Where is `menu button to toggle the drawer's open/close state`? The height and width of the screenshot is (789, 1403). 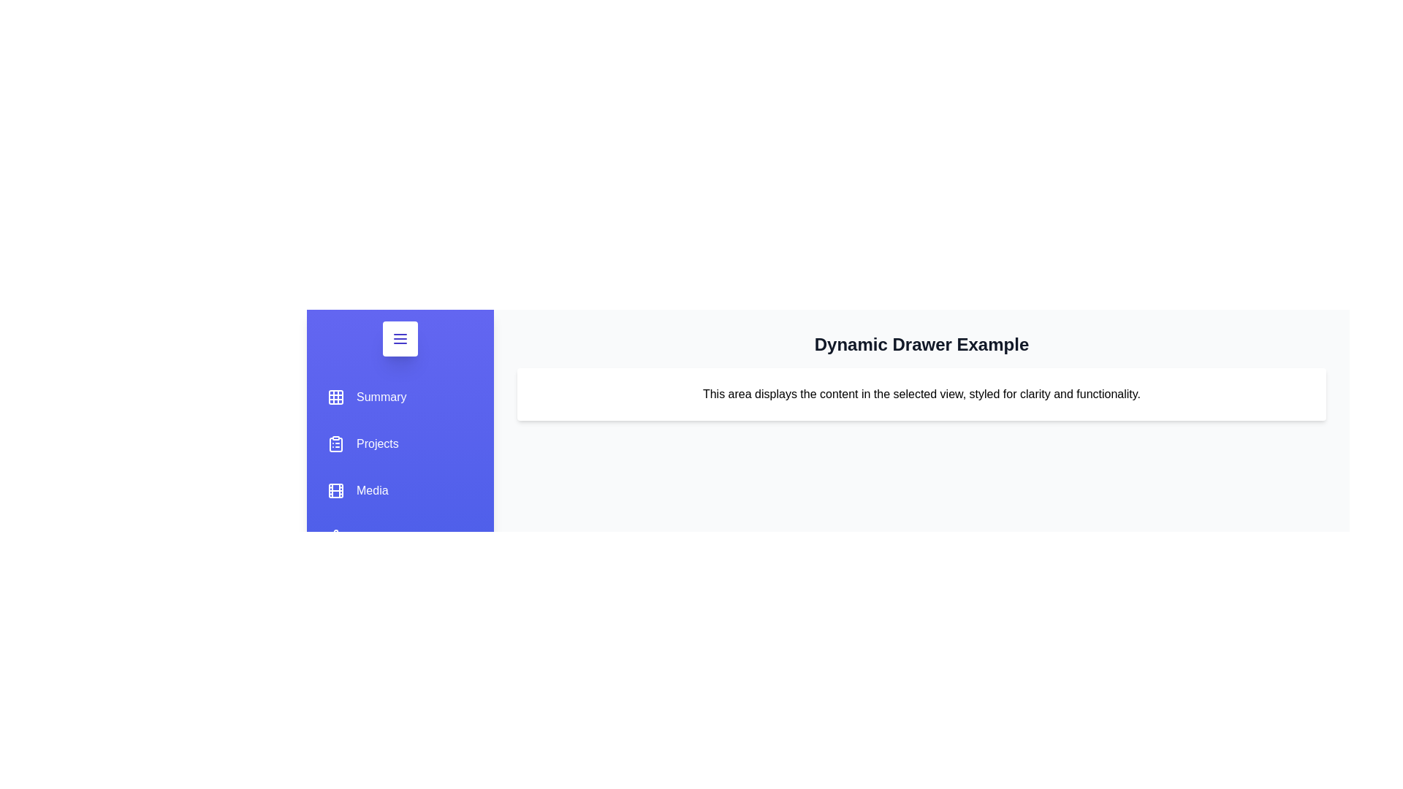 menu button to toggle the drawer's open/close state is located at coordinates (400, 338).